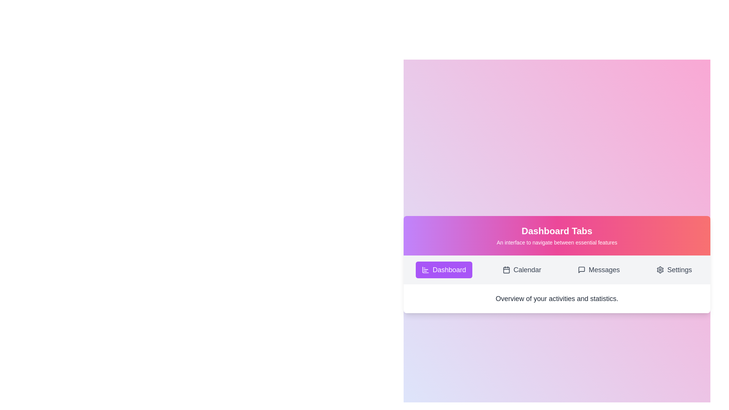  Describe the element at coordinates (557, 269) in the screenshot. I see `the Navigation bar` at that location.